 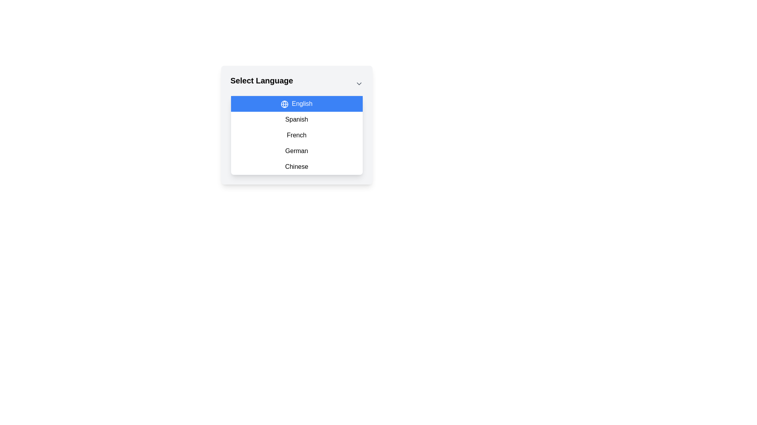 I want to click on the small globe icon in the highlighted language selection dropdown menu, located to the left of the 'English' text, so click(x=284, y=103).